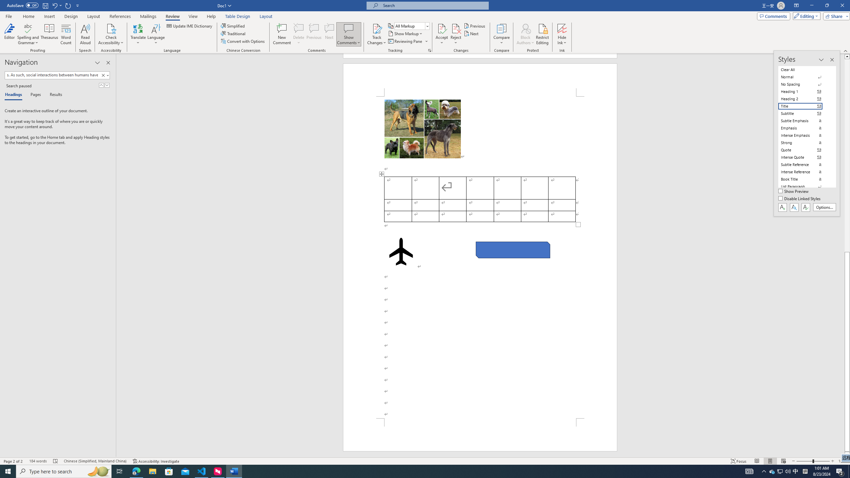 The height and width of the screenshot is (478, 850). Describe the element at coordinates (804, 164) in the screenshot. I see `'Subtle Reference'` at that location.